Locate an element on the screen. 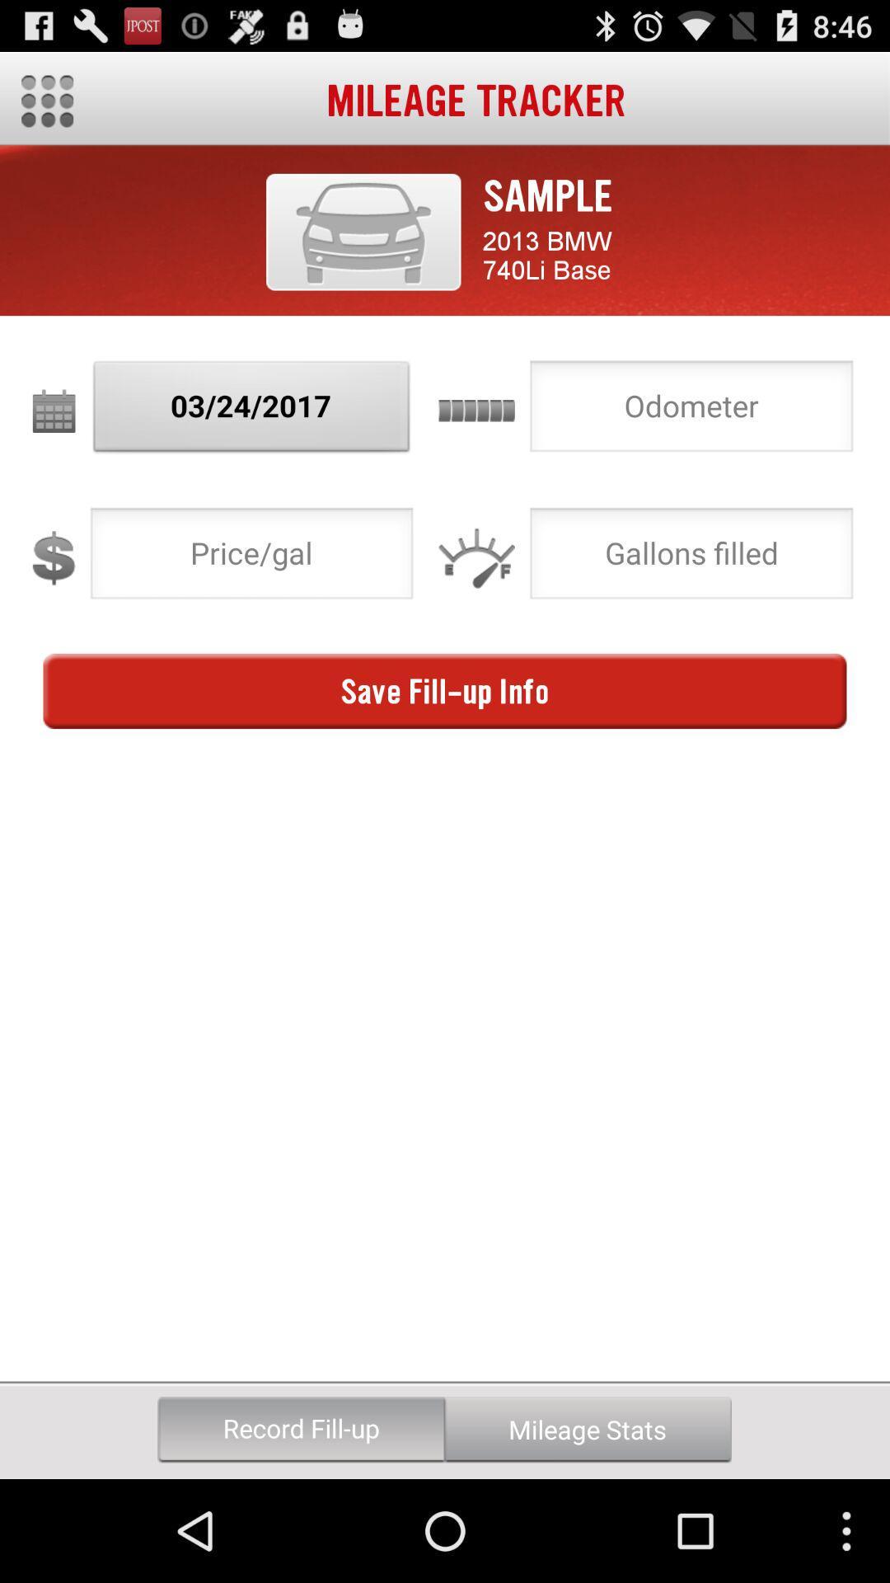  the settings icon is located at coordinates (46, 107).